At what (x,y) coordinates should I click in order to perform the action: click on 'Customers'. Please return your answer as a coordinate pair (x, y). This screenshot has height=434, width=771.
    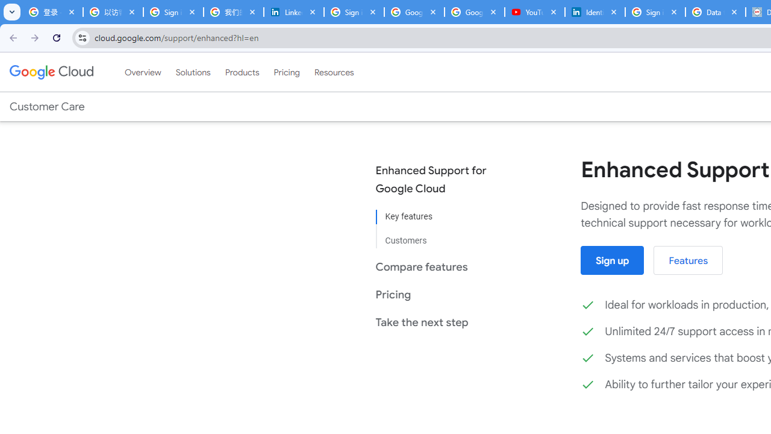
    Looking at the image, I should click on (439, 236).